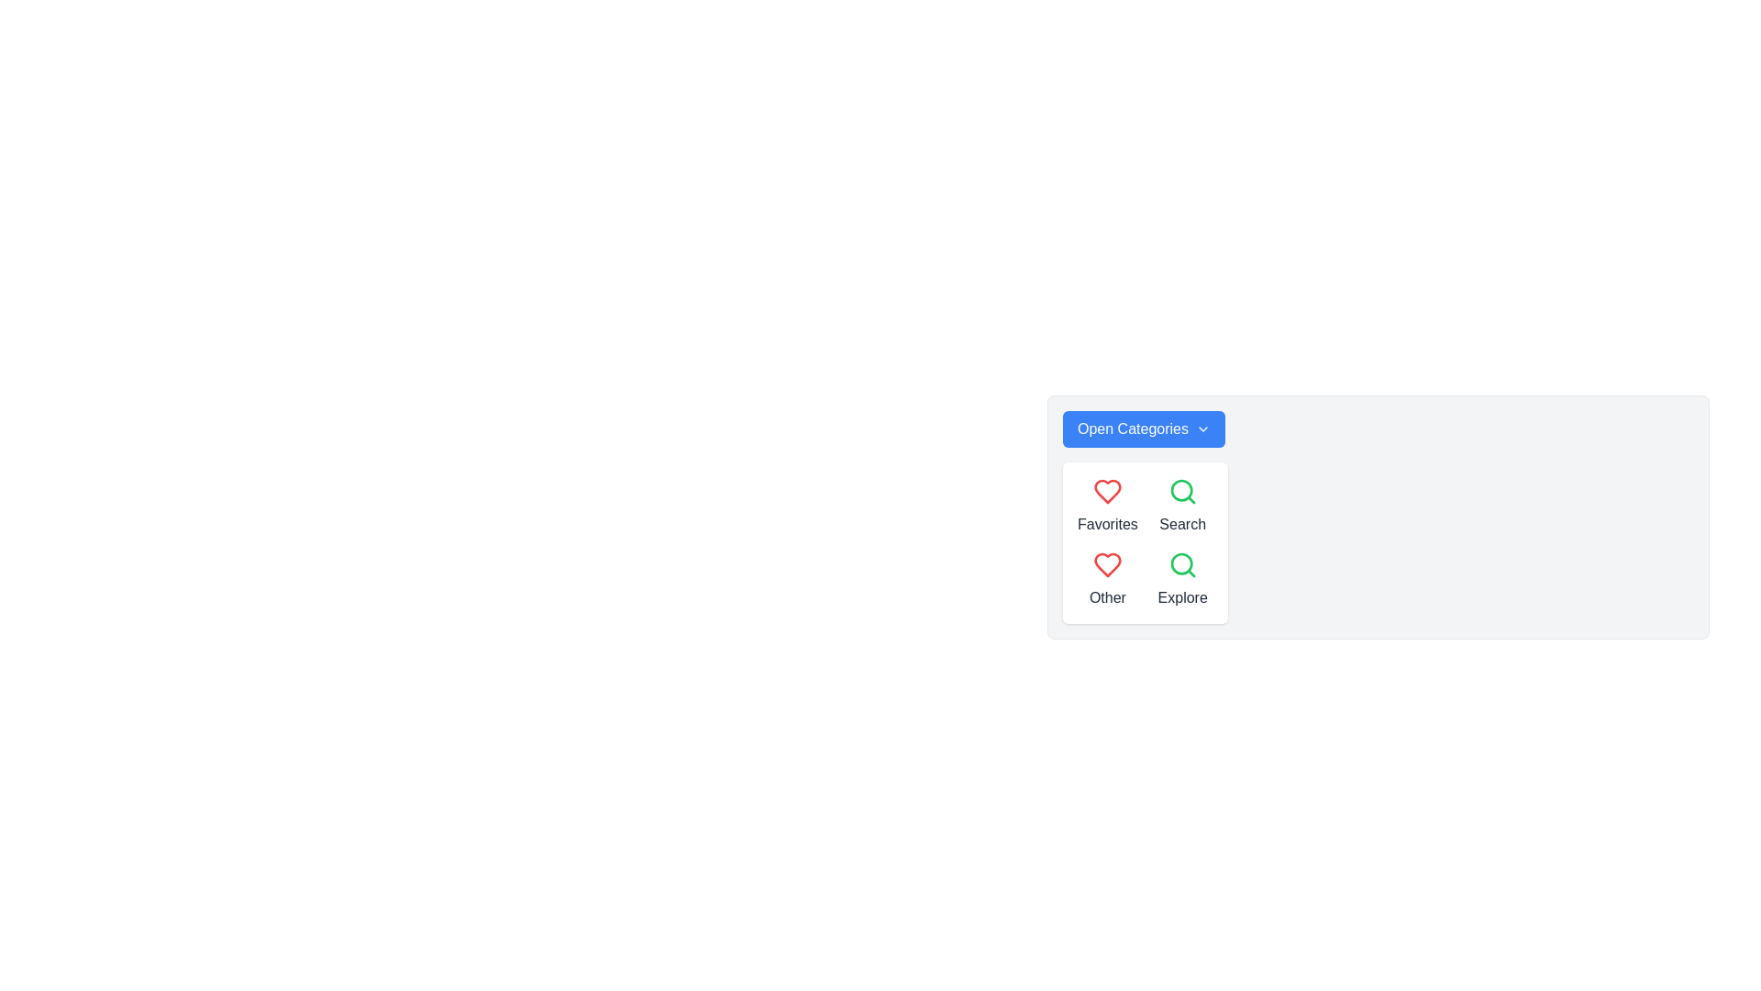  I want to click on the 'Favorites' text label, which is positioned directly below the red heart icon in the menu or category box, aiding users in navigation, so click(1106, 524).